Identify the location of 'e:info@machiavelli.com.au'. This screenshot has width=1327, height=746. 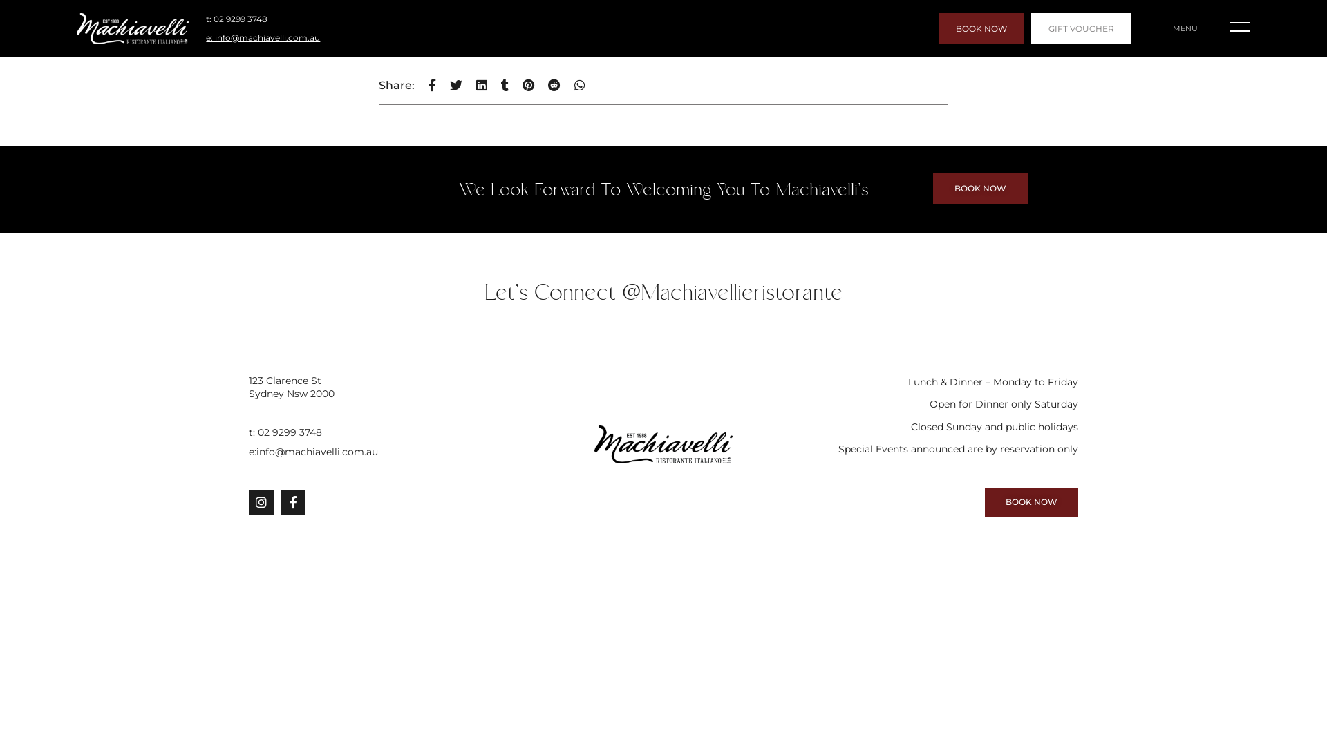
(382, 452).